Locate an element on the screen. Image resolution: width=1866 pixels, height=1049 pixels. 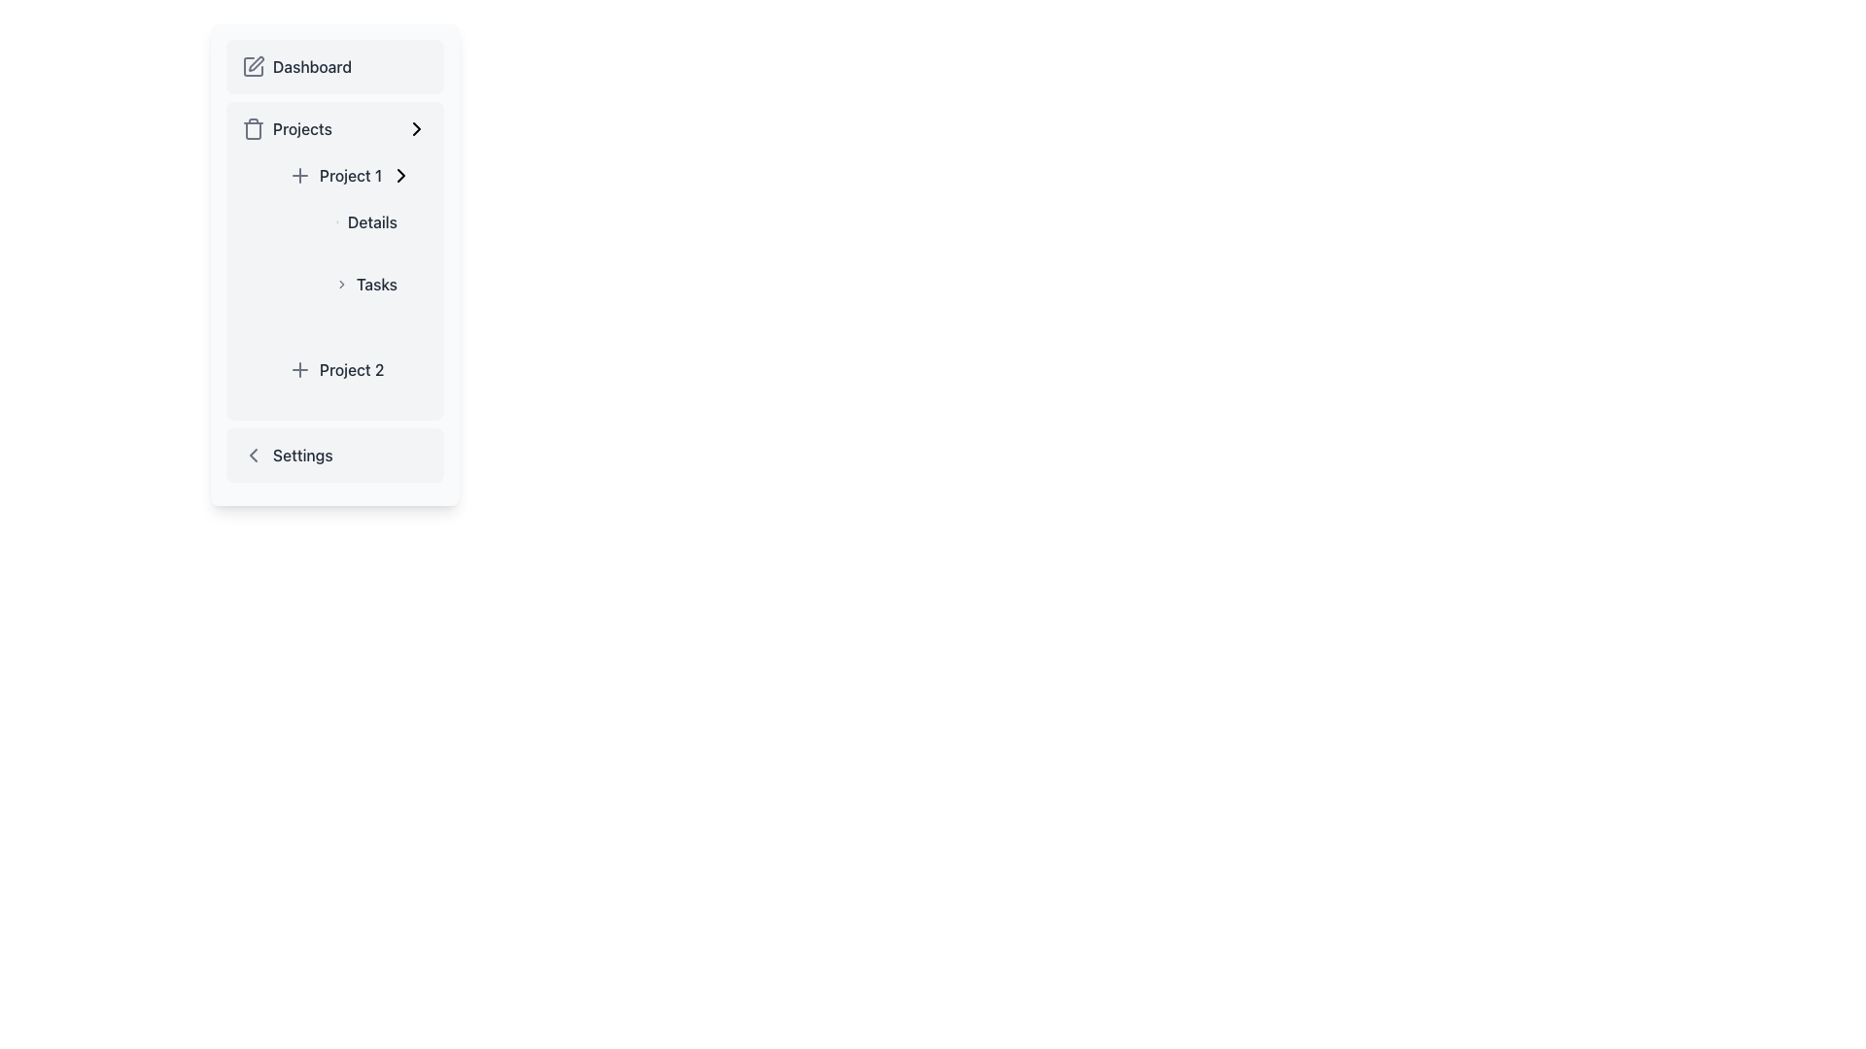
the text label for navigating to tasks related to 'Project 1' located in the Projects section of the left-hand navigation panel is located at coordinates (377, 285).